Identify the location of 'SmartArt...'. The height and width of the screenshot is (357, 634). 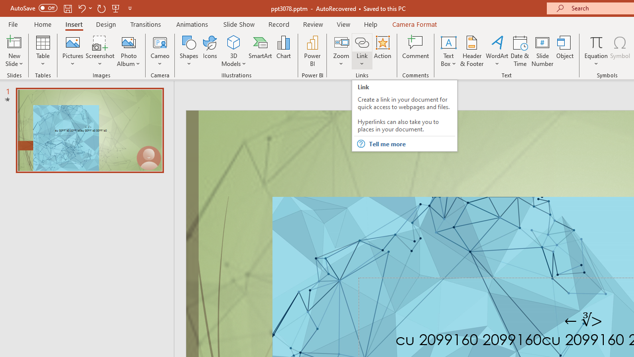
(261, 51).